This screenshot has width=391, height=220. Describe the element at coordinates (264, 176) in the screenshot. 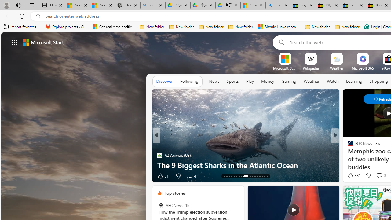

I see `'AutomationID: tab-28'` at that location.